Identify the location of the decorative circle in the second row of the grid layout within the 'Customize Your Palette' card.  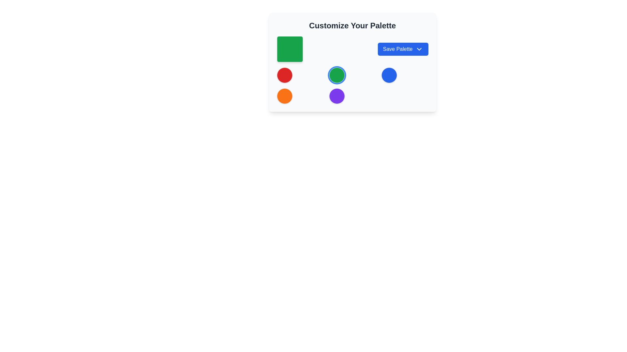
(389, 75).